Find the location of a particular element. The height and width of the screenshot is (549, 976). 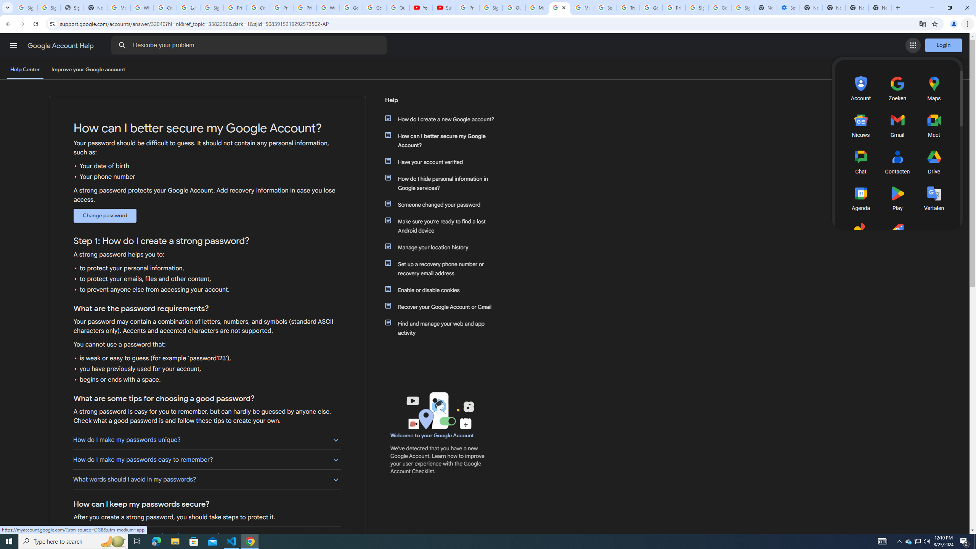

'Make sure you' is located at coordinates (443, 225).